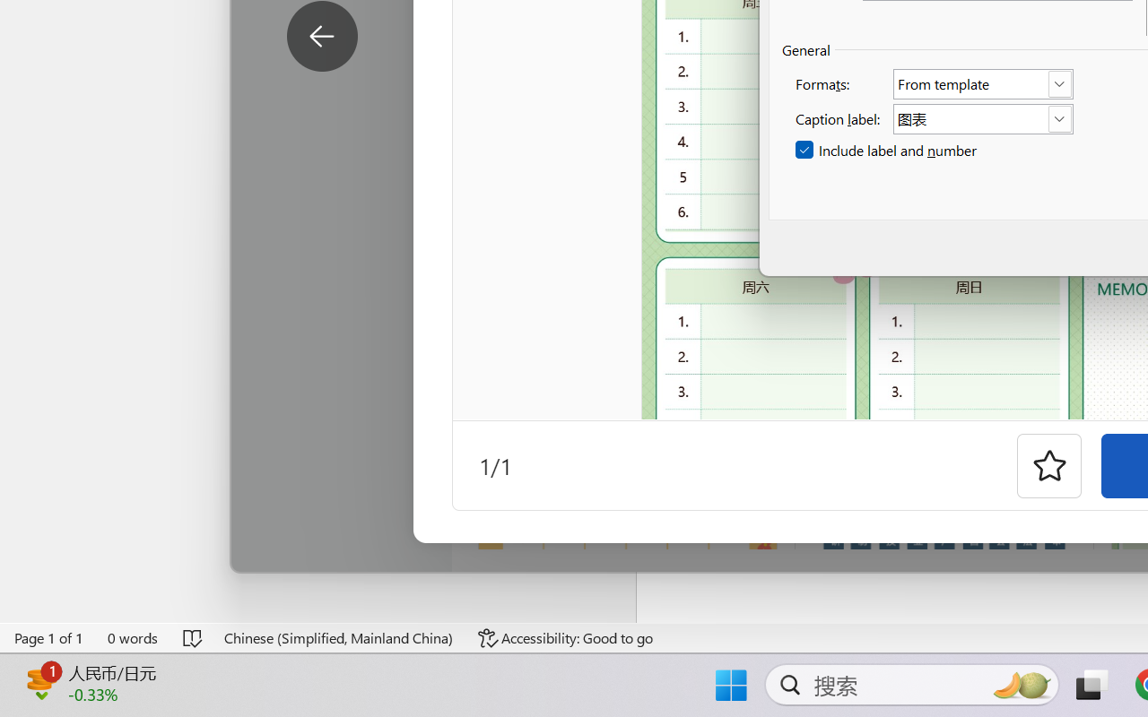 The height and width of the screenshot is (717, 1148). I want to click on 'Language Chinese (Simplified, Mainland China)', so click(339, 637).